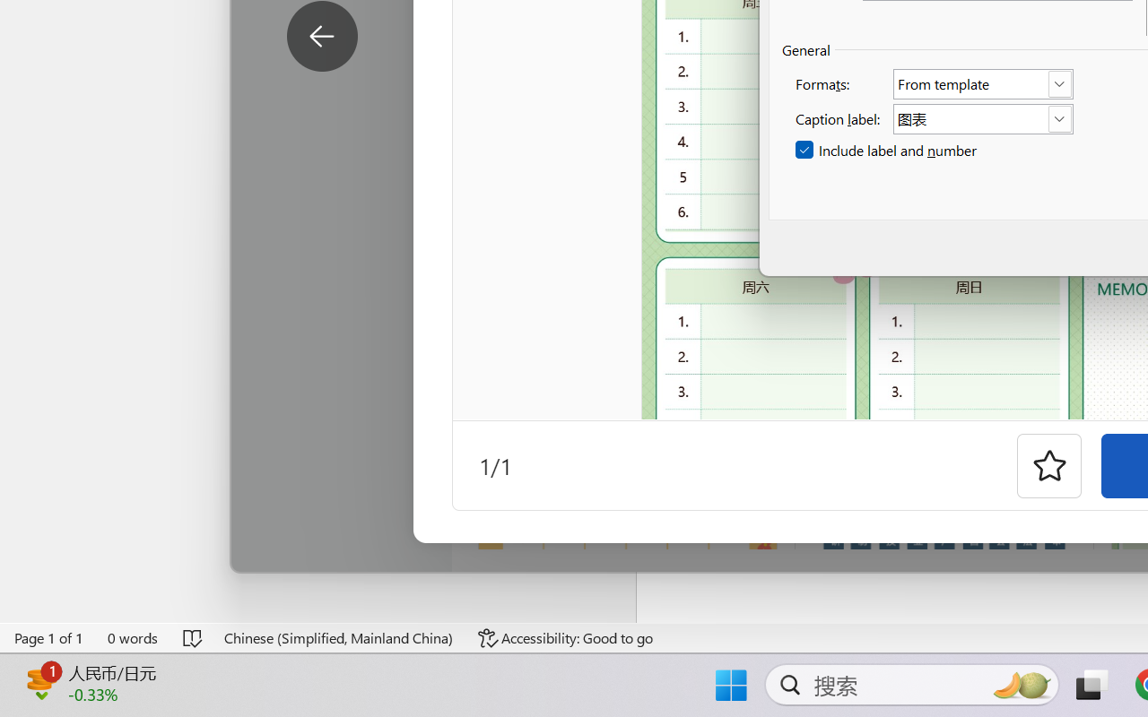 The height and width of the screenshot is (717, 1148). I want to click on 'Language Chinese (Simplified, Mainland China)', so click(339, 637).